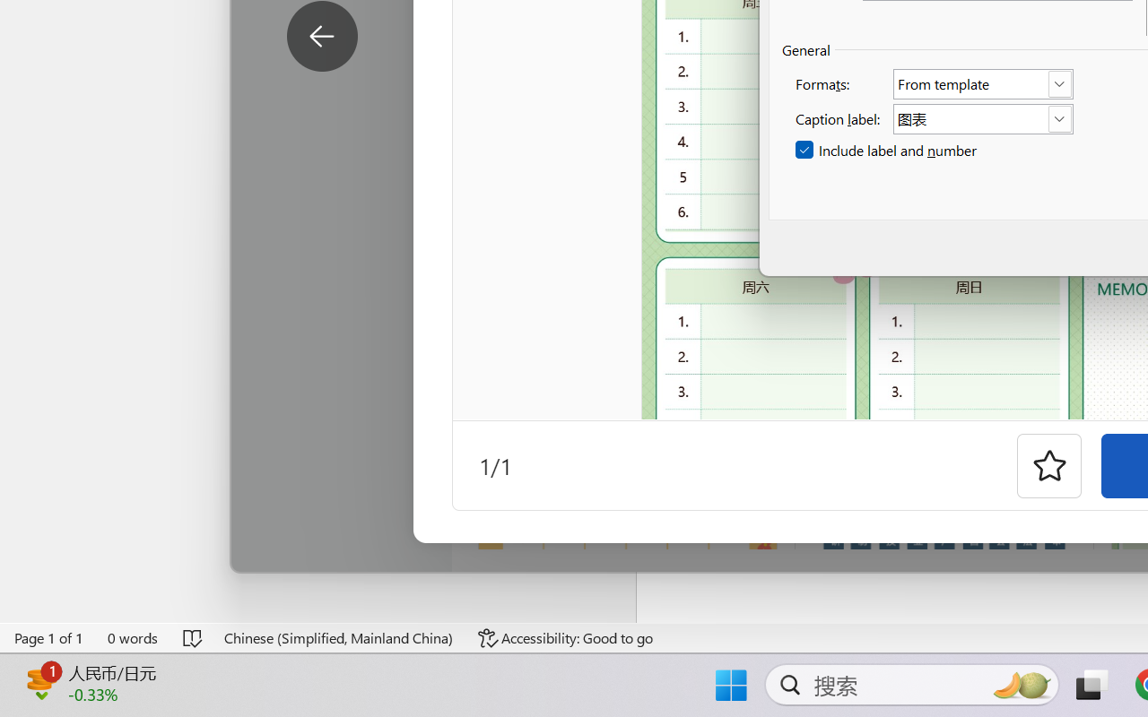 The height and width of the screenshot is (717, 1148). I want to click on 'Language Chinese (Simplified, Mainland China)', so click(339, 637).